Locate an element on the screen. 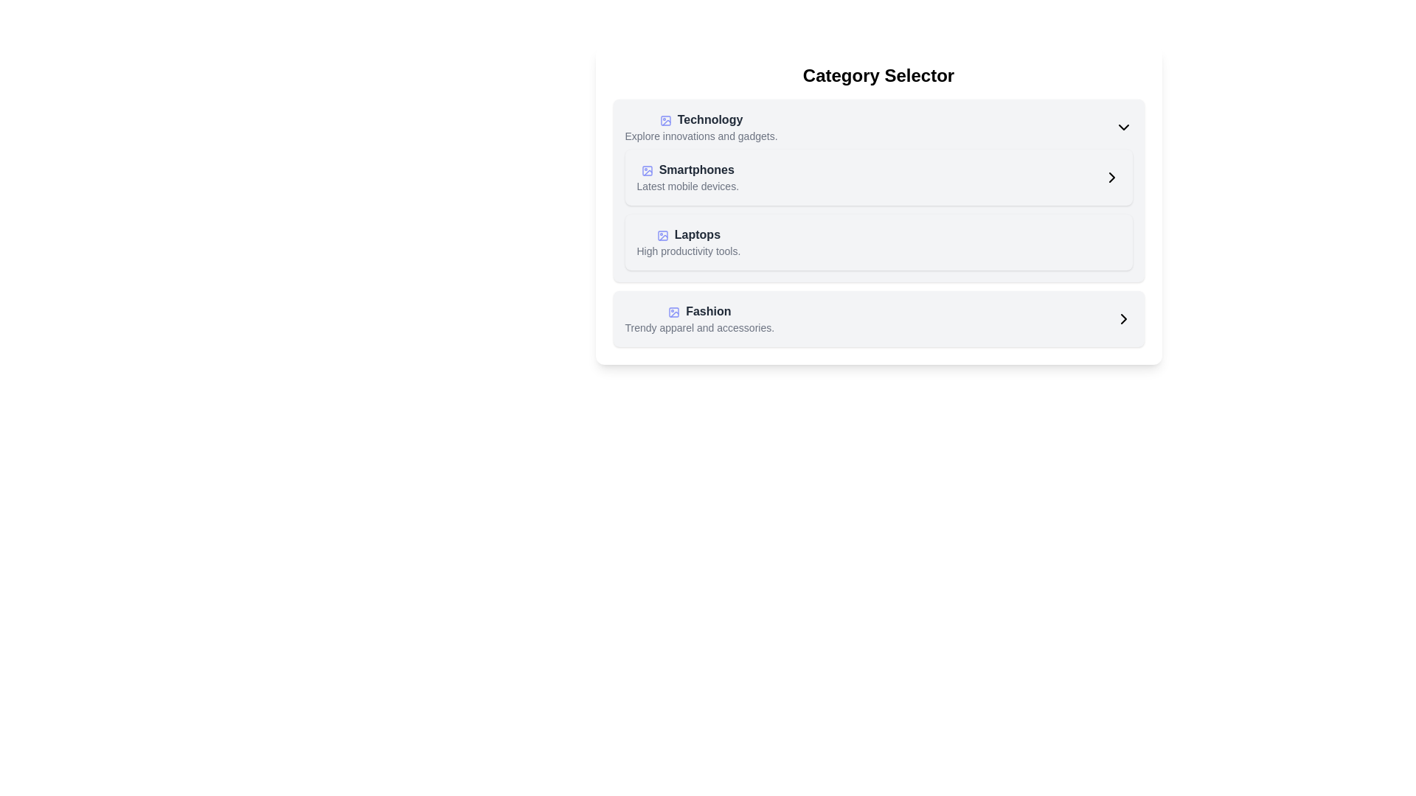  'Smartphones' text label, which is bold and dark, located above the description 'Latest mobile devices.' in the Technology category is located at coordinates (695, 169).